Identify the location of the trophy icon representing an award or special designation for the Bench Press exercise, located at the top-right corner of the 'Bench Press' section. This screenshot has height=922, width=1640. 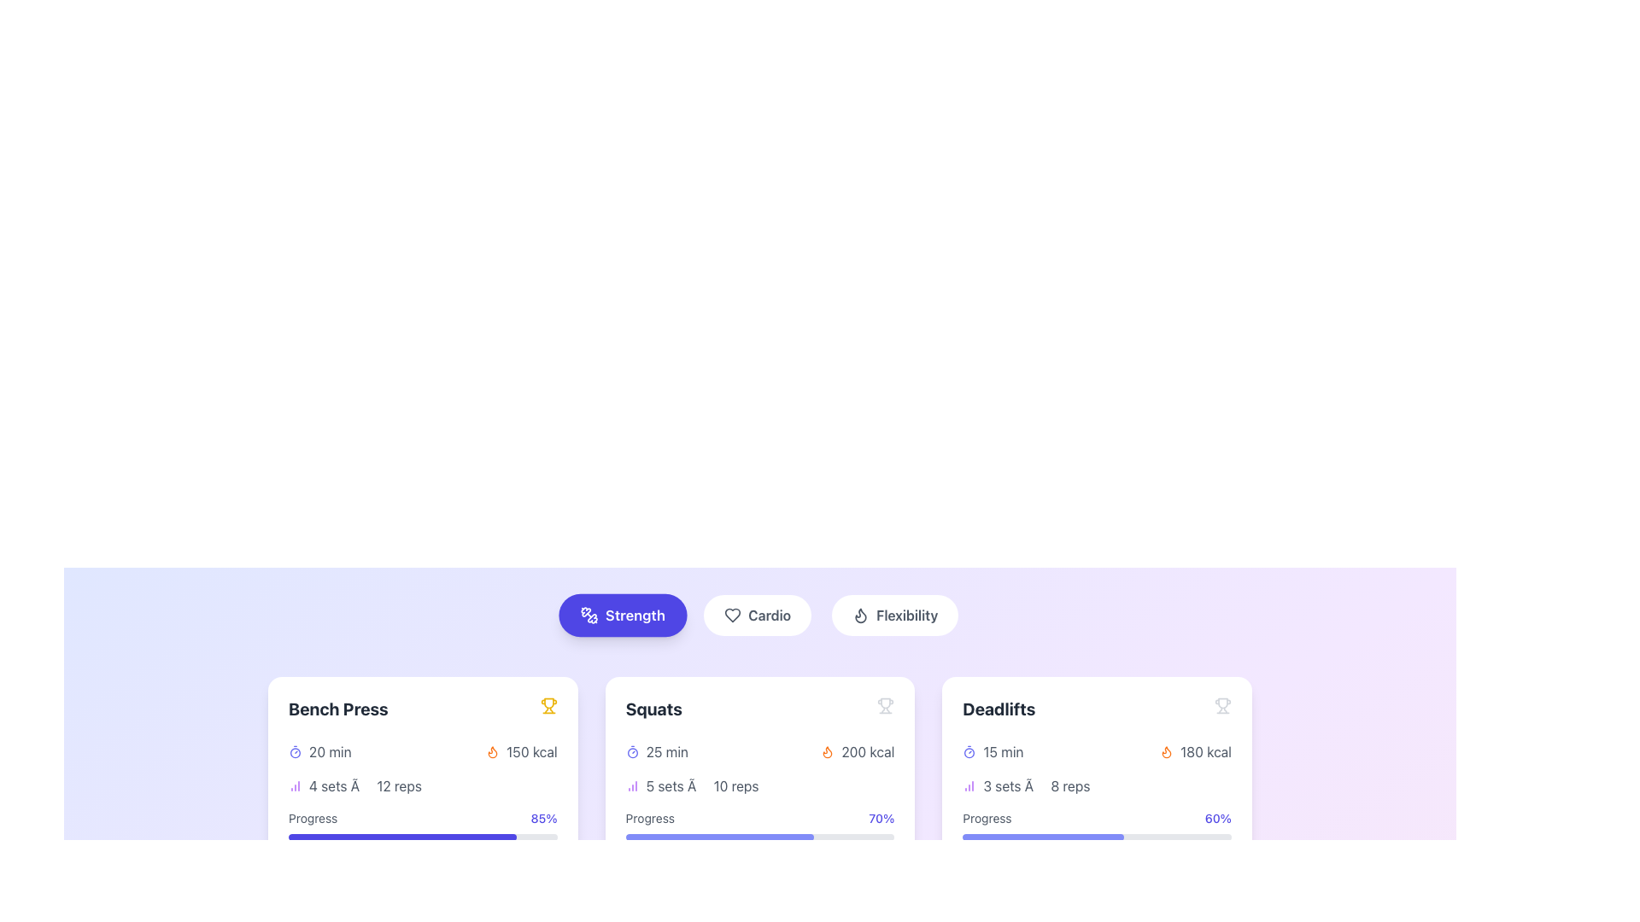
(548, 703).